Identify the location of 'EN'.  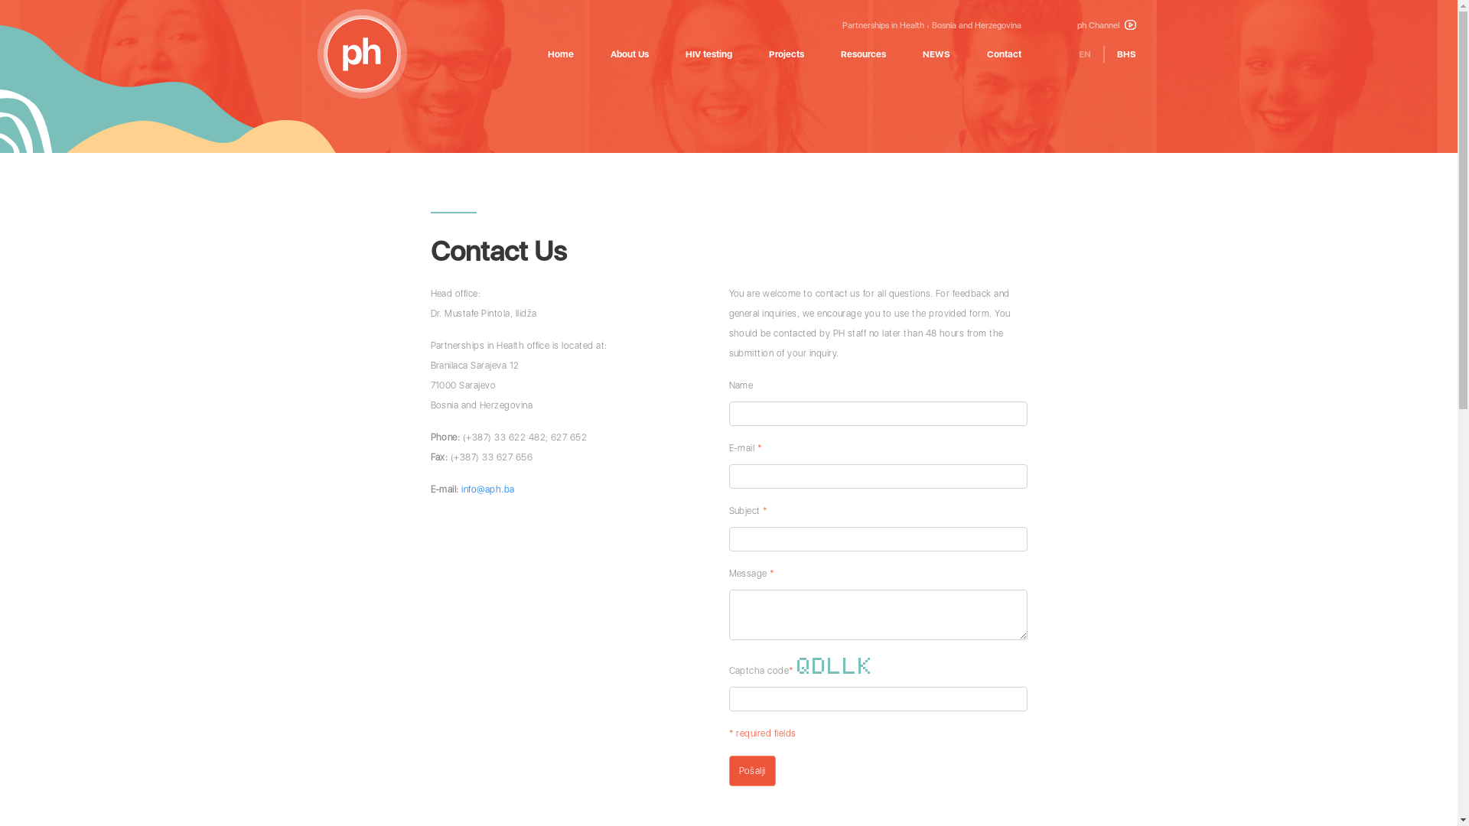
(1083, 53).